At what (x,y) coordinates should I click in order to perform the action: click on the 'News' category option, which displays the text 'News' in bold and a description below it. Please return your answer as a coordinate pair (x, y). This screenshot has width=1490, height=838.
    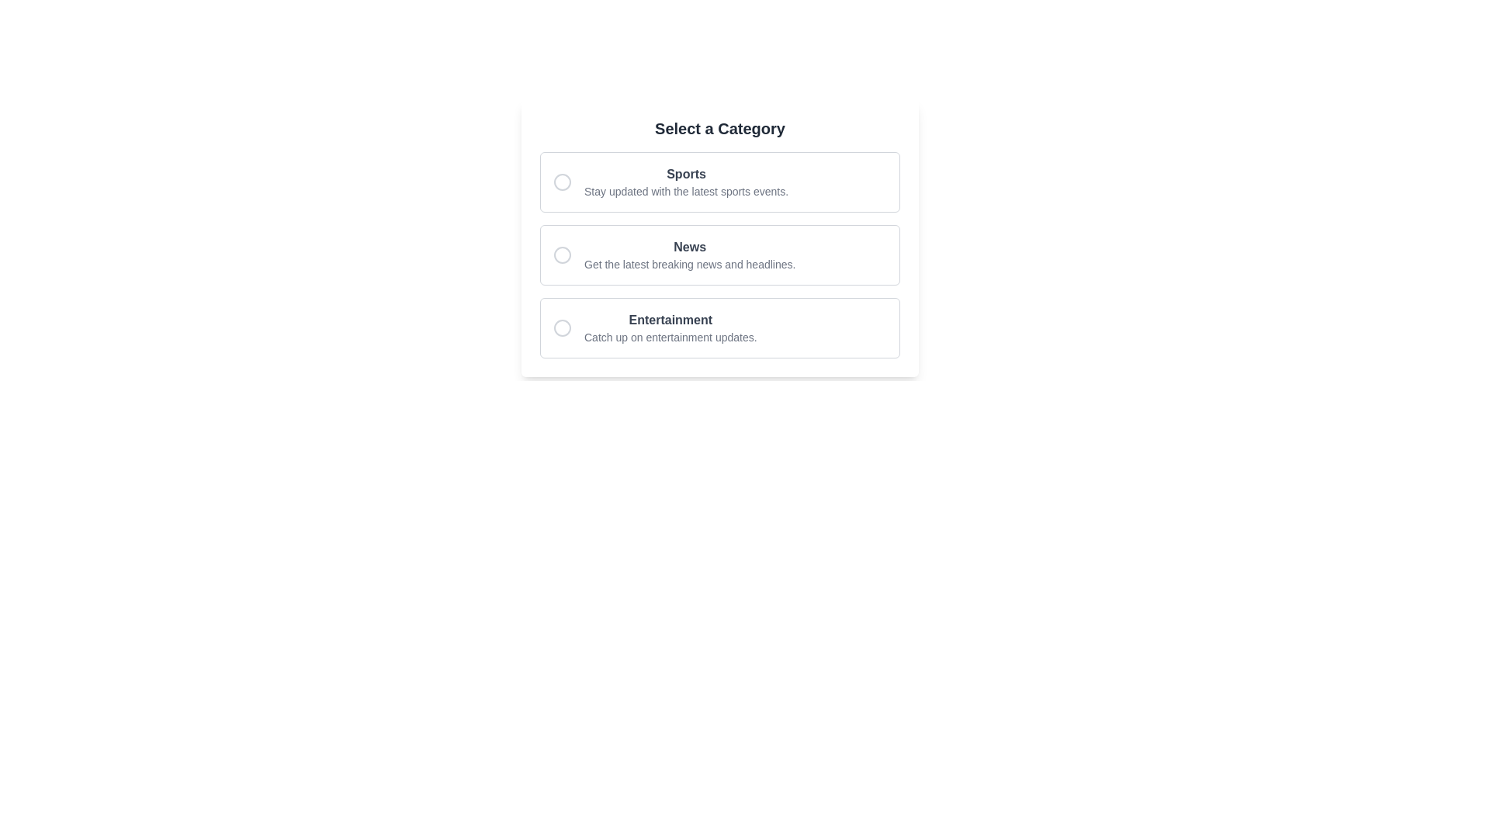
    Looking at the image, I should click on (688, 254).